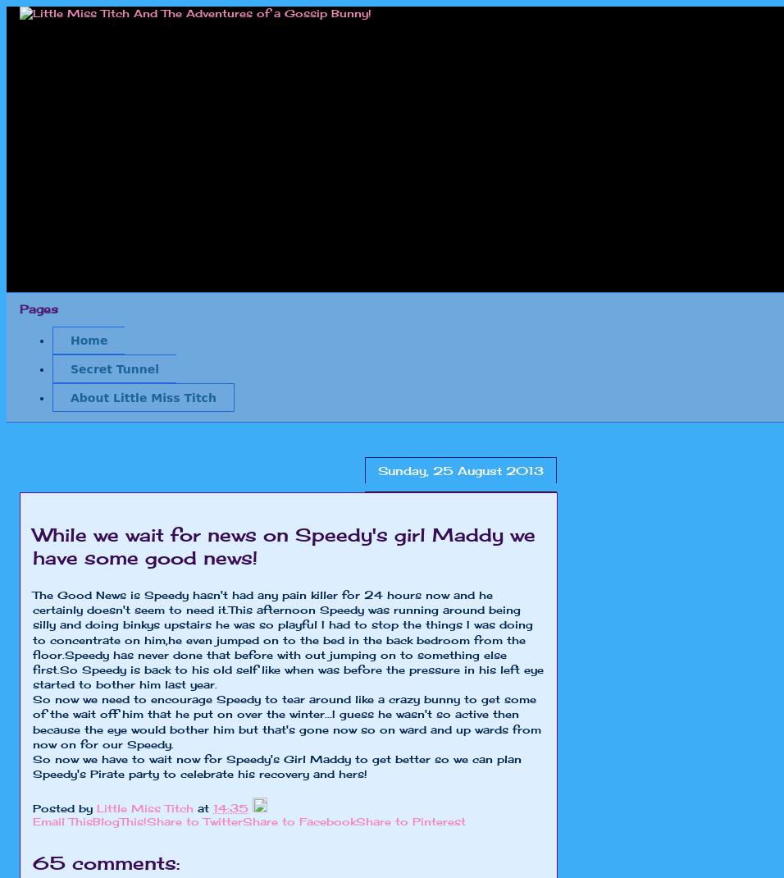 Image resolution: width=784 pixels, height=878 pixels. Describe the element at coordinates (230, 807) in the screenshot. I see `'14:35'` at that location.